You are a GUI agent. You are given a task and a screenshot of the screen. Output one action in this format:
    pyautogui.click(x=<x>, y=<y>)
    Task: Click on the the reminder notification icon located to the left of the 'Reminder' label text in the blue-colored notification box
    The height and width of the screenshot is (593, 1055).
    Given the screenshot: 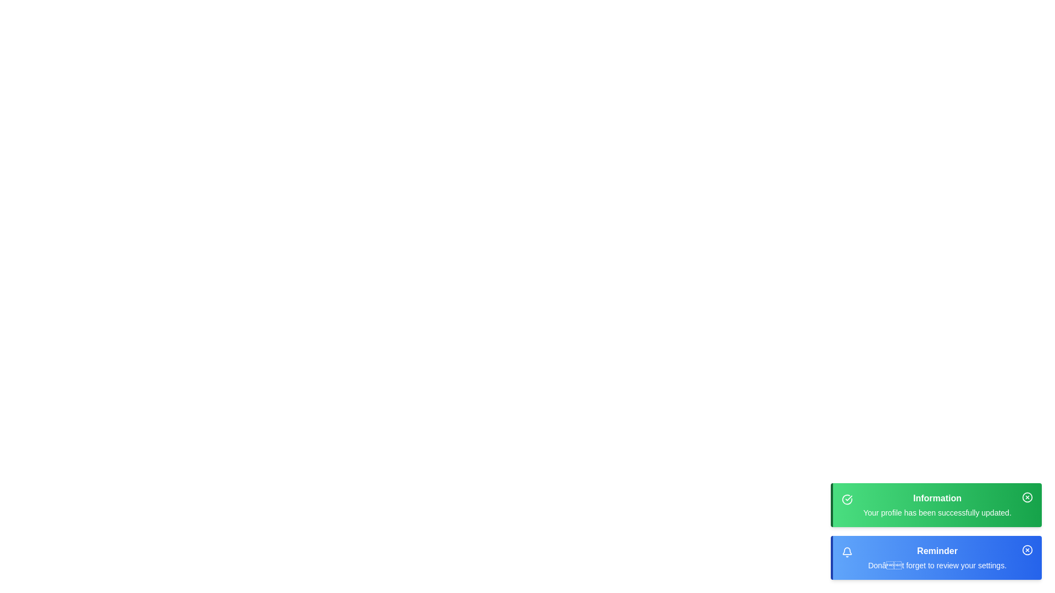 What is the action you would take?
    pyautogui.click(x=846, y=552)
    